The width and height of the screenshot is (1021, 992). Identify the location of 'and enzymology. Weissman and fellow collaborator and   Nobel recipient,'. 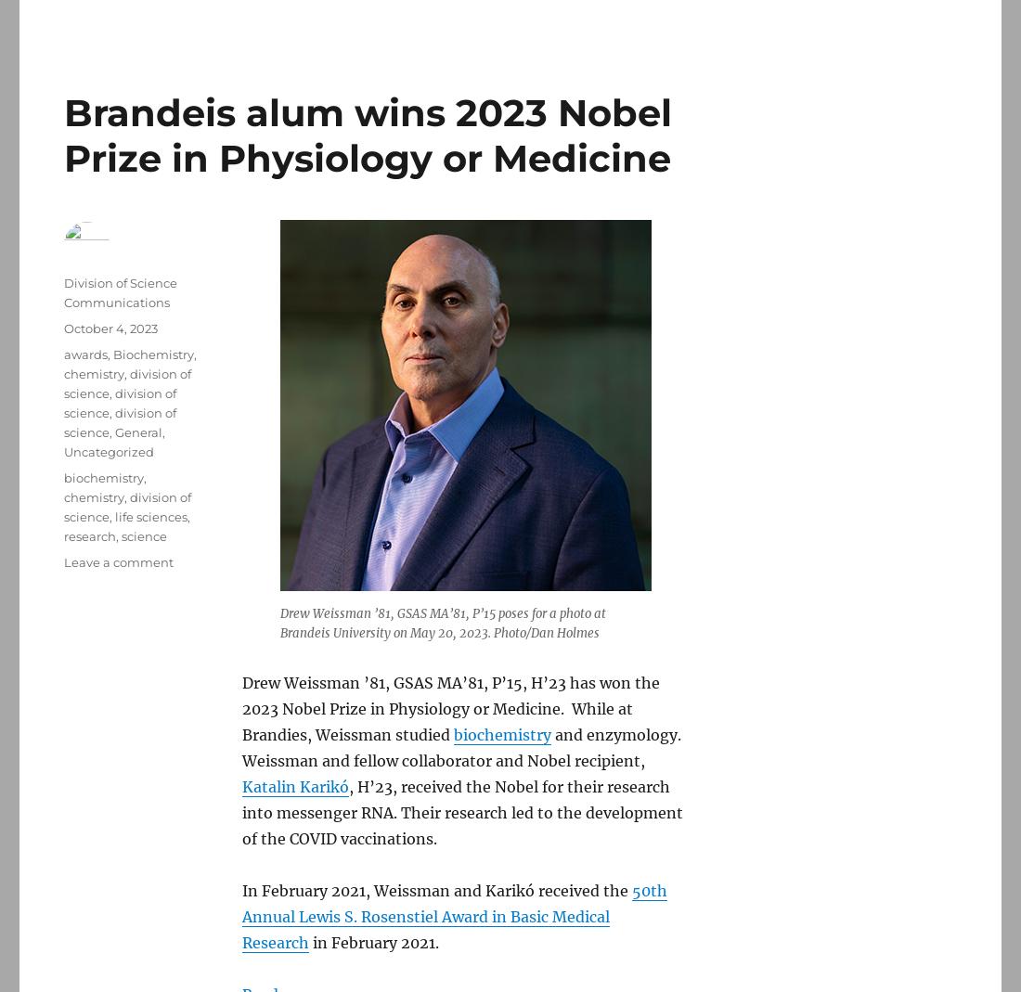
(461, 746).